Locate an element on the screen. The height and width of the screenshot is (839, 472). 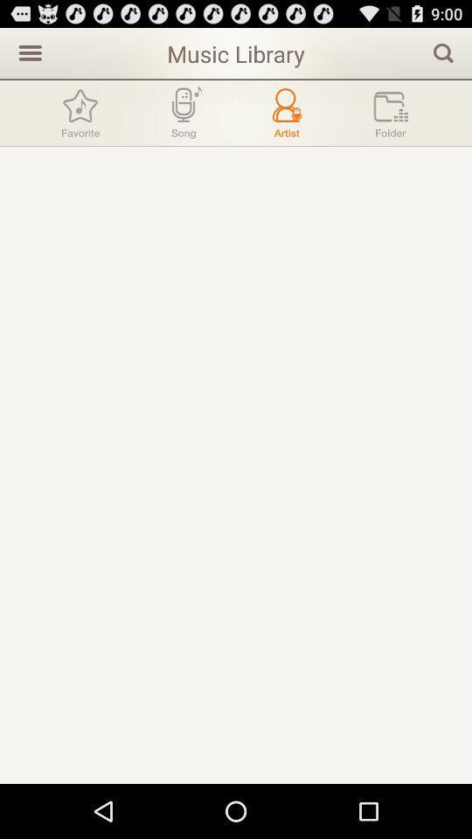
open song menu is located at coordinates (183, 112).